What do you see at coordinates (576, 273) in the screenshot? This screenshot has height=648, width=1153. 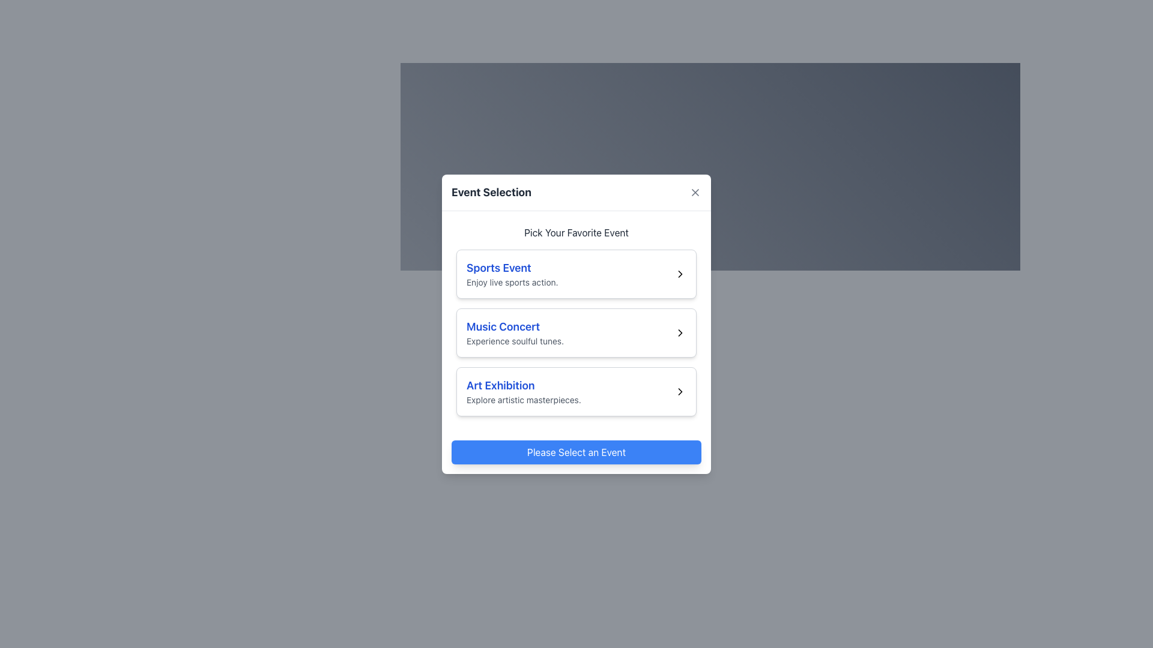 I see `focus the first clickable card representing a sports event option within the 'Event Selection' modal` at bounding box center [576, 273].